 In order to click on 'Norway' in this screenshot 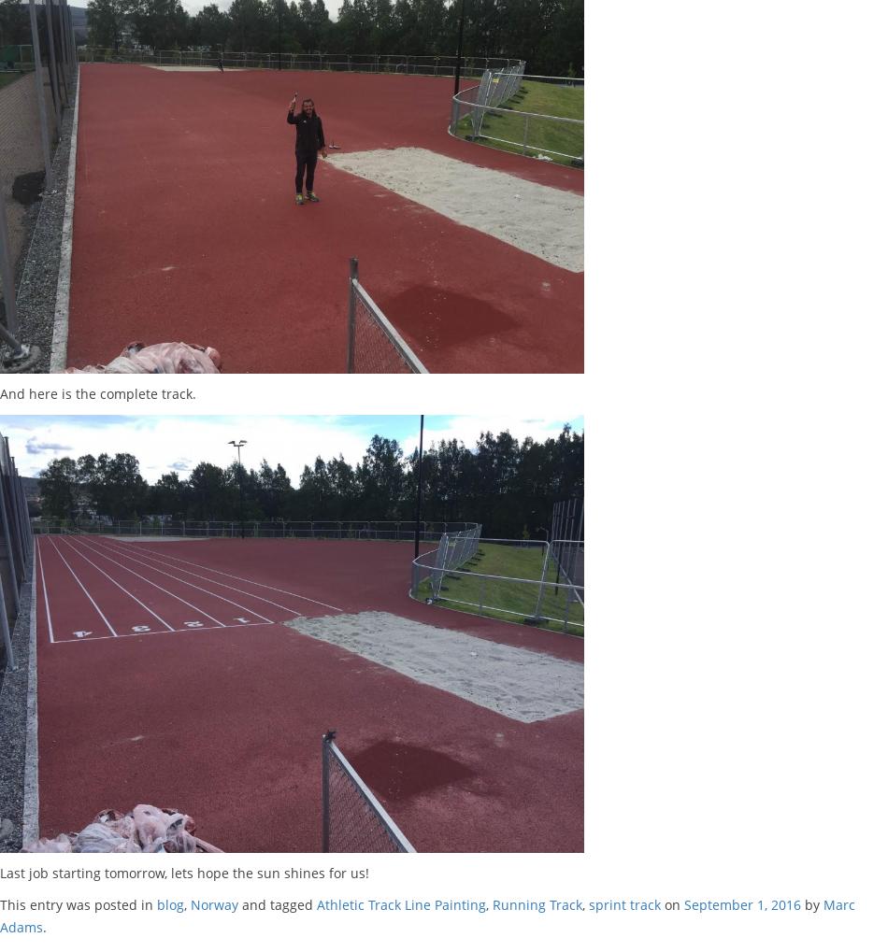, I will do `click(214, 902)`.